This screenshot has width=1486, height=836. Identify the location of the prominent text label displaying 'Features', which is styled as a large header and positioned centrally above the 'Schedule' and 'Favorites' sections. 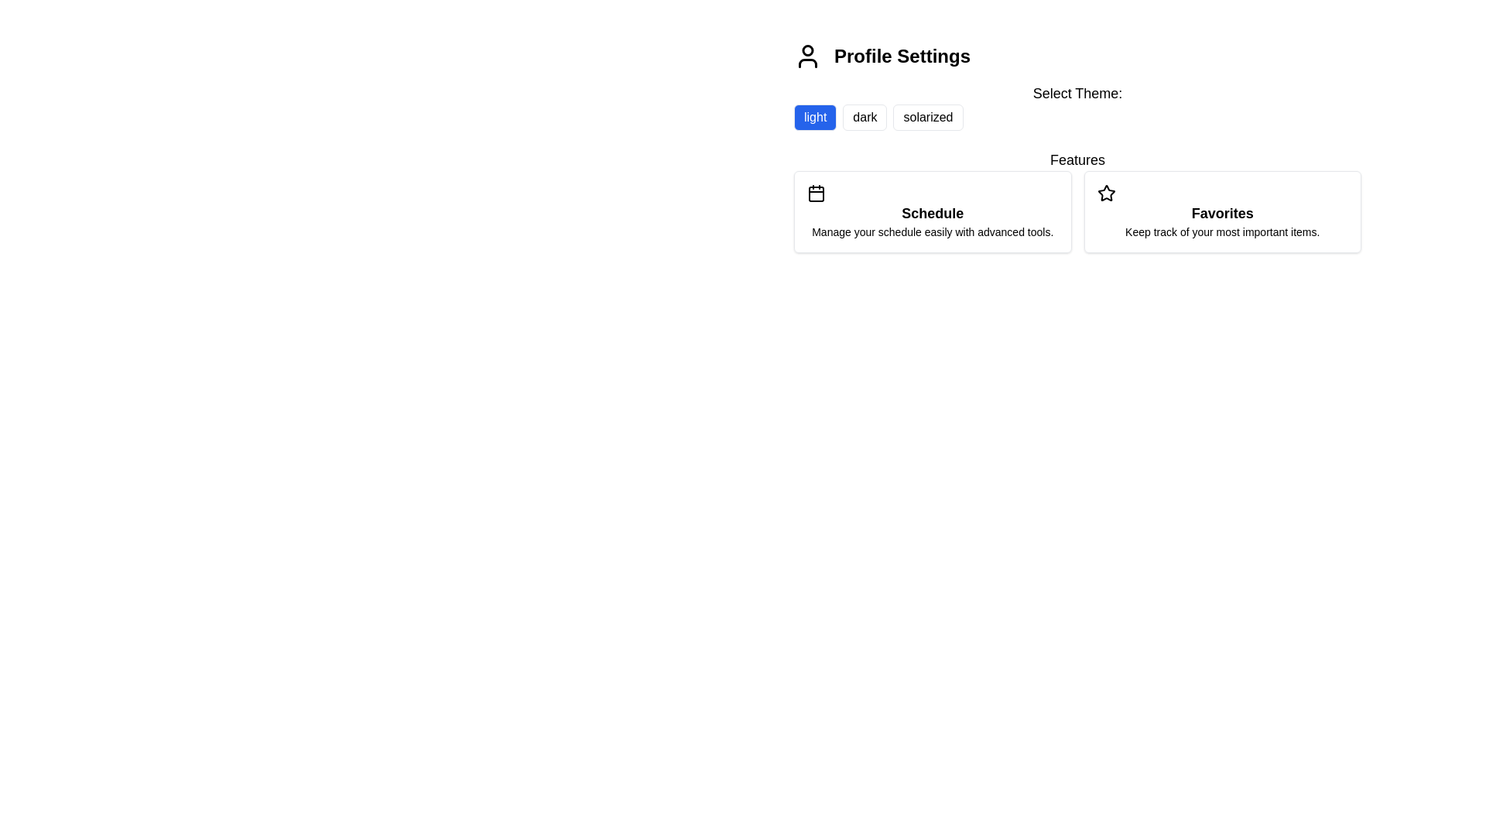
(1077, 160).